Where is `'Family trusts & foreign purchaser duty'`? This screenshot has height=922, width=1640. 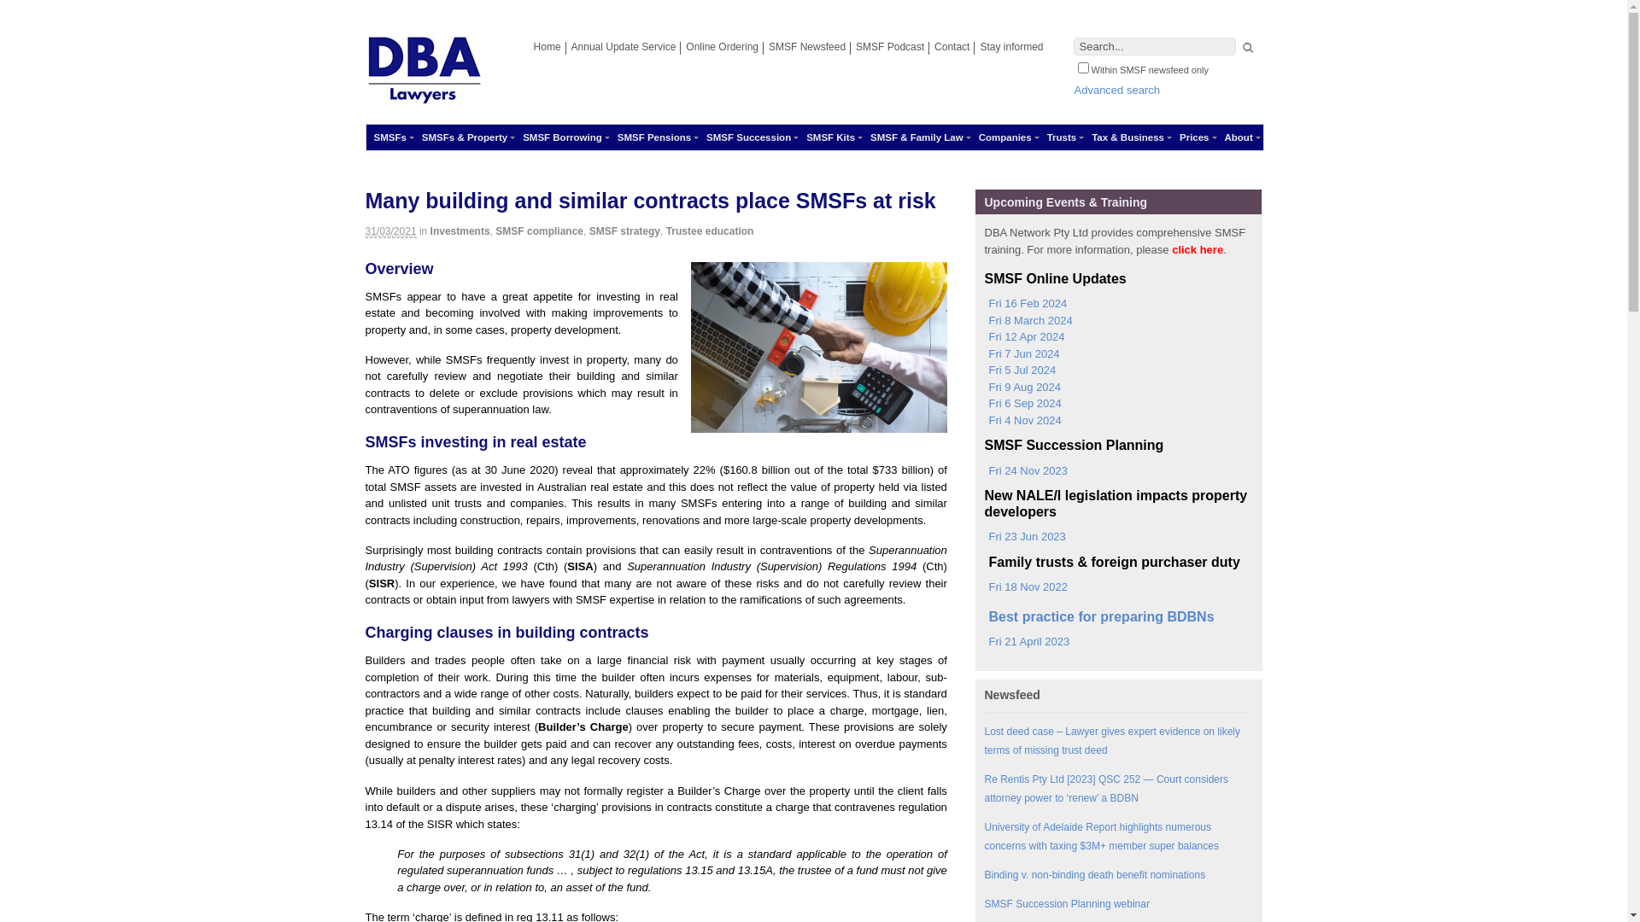
'Family trusts & foreign purchaser duty' is located at coordinates (1111, 562).